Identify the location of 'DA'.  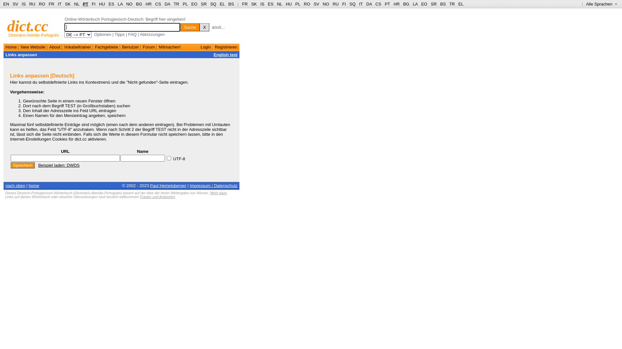
(167, 4).